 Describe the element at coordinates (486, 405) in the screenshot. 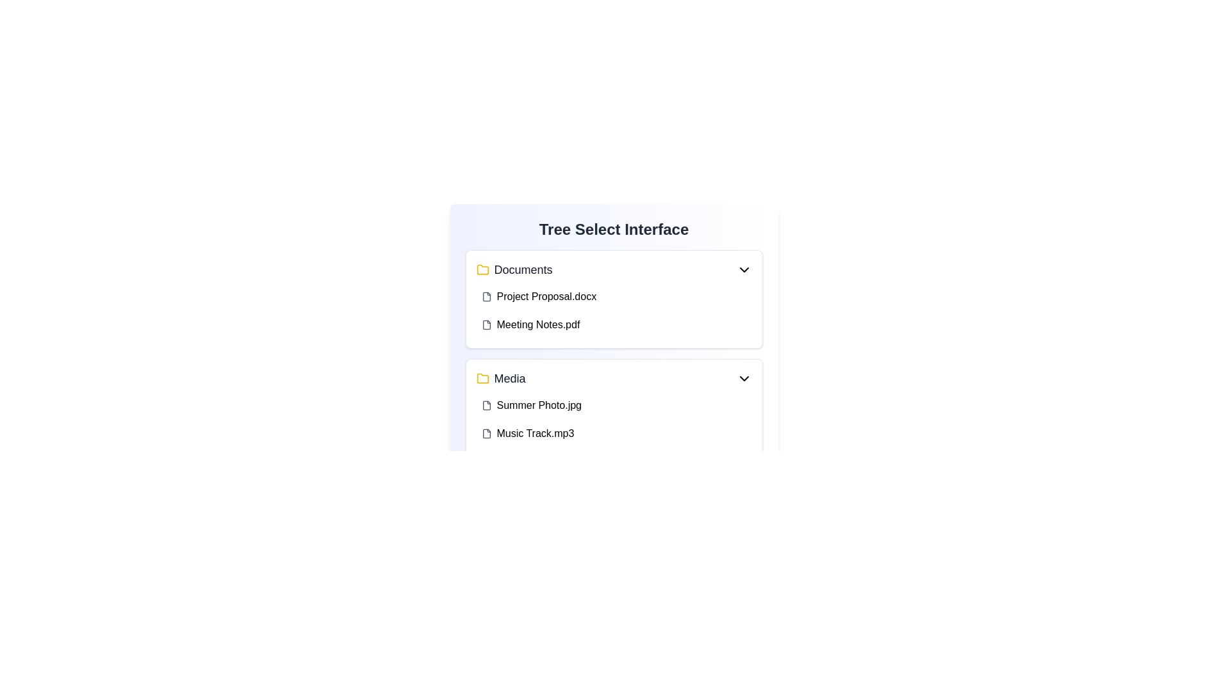

I see `the details of the document icon located to the left of the text 'Summer Photo.jpg' in the Media section` at that location.